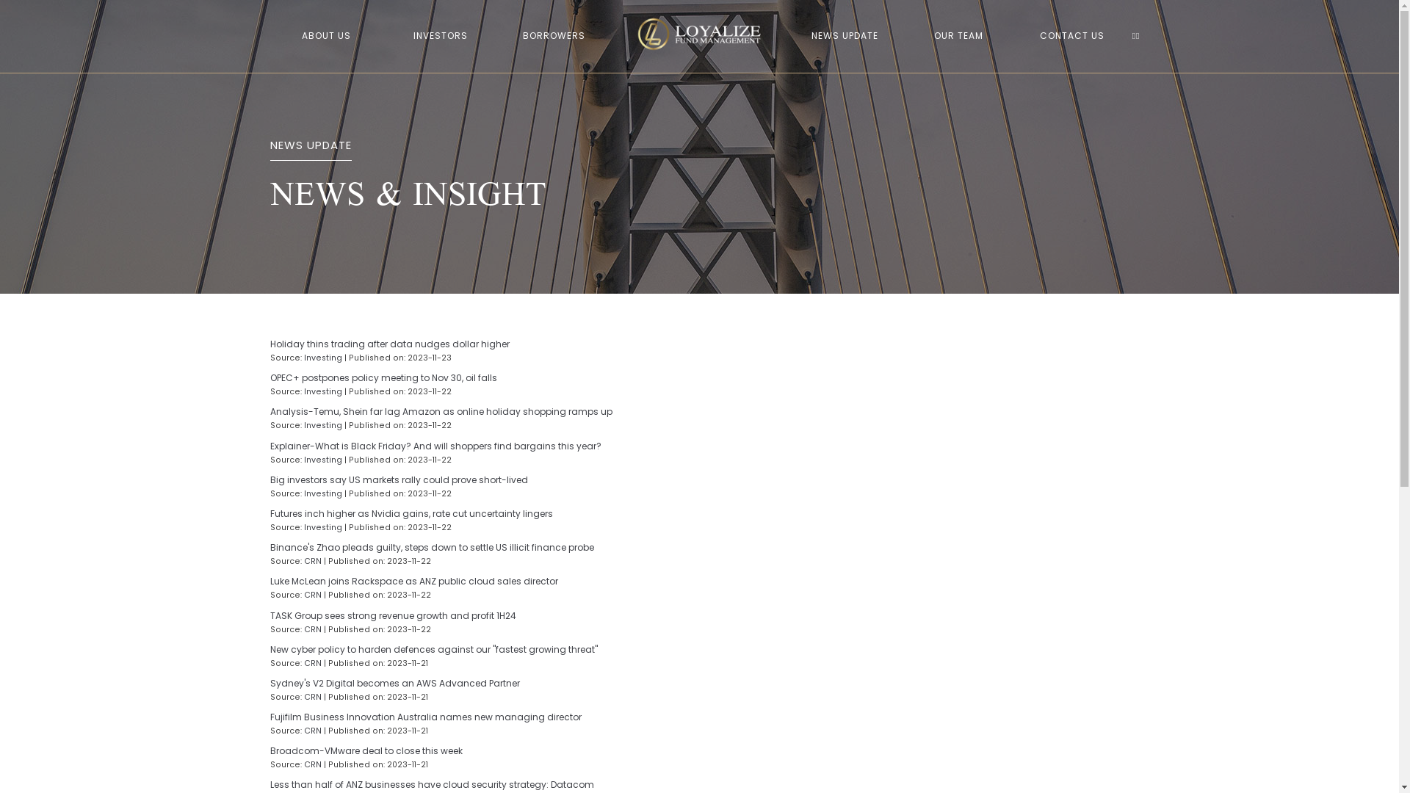 The height and width of the screenshot is (793, 1410). I want to click on 'ABOUT US', so click(301, 35).